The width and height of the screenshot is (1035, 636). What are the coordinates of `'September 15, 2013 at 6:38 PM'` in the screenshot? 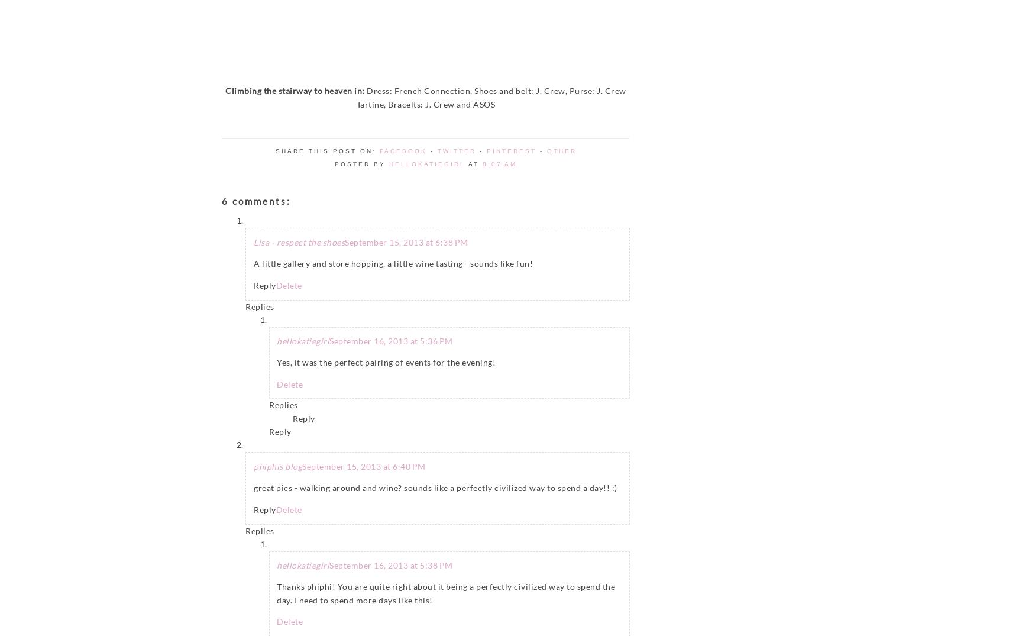 It's located at (344, 241).